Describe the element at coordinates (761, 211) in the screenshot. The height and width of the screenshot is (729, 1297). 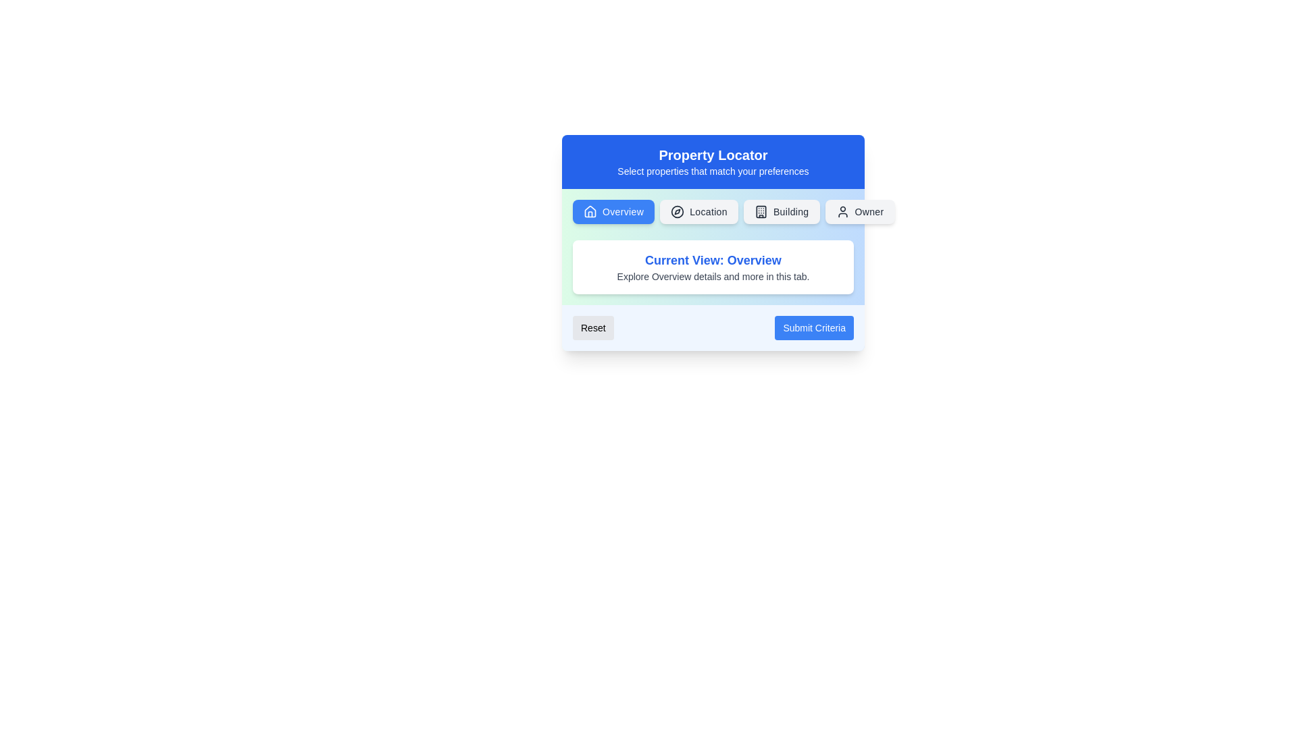
I see `the 'Building' button, which features a minimalist stroke-based outline icon of a building on the left side` at that location.